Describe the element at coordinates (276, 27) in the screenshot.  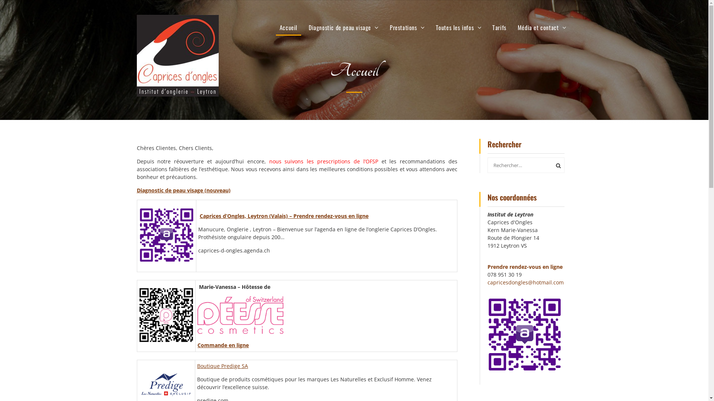
I see `'Accueil'` at that location.